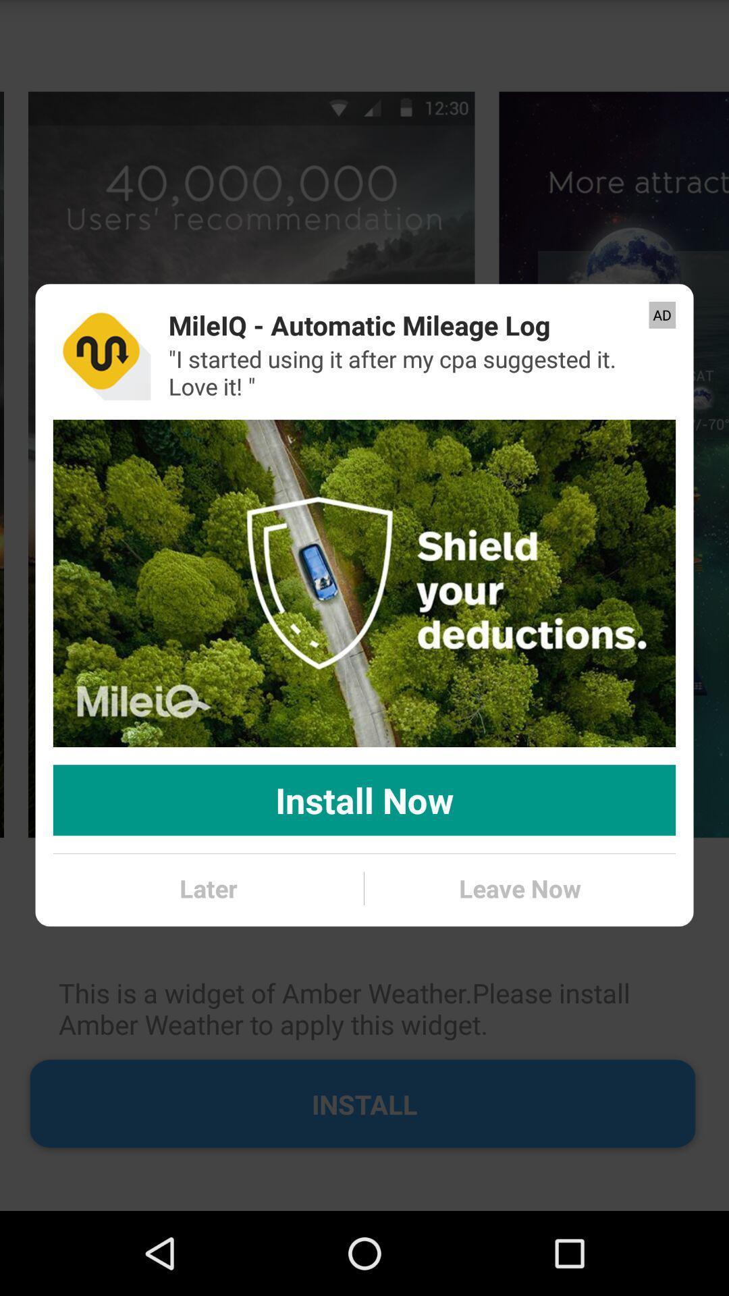 The width and height of the screenshot is (729, 1296). I want to click on icon above i started using, so click(358, 325).